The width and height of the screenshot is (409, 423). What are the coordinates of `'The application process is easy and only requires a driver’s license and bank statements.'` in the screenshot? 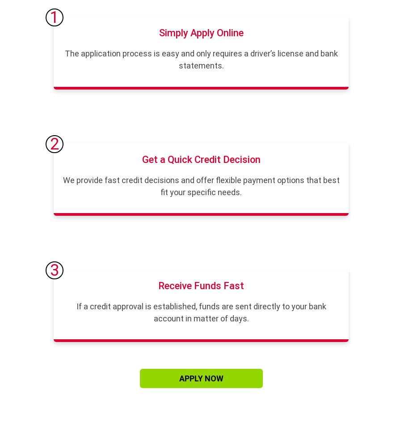 It's located at (201, 59).